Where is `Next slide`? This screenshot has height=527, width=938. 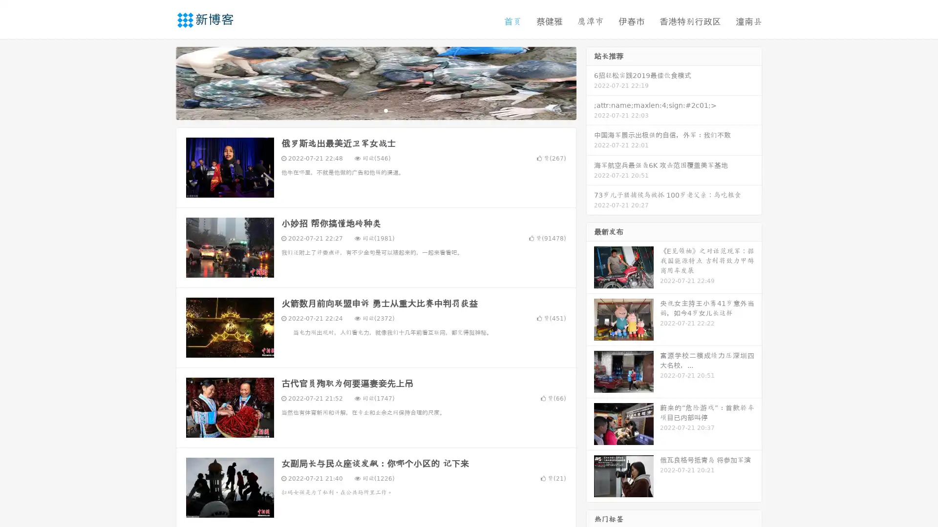 Next slide is located at coordinates (590, 82).